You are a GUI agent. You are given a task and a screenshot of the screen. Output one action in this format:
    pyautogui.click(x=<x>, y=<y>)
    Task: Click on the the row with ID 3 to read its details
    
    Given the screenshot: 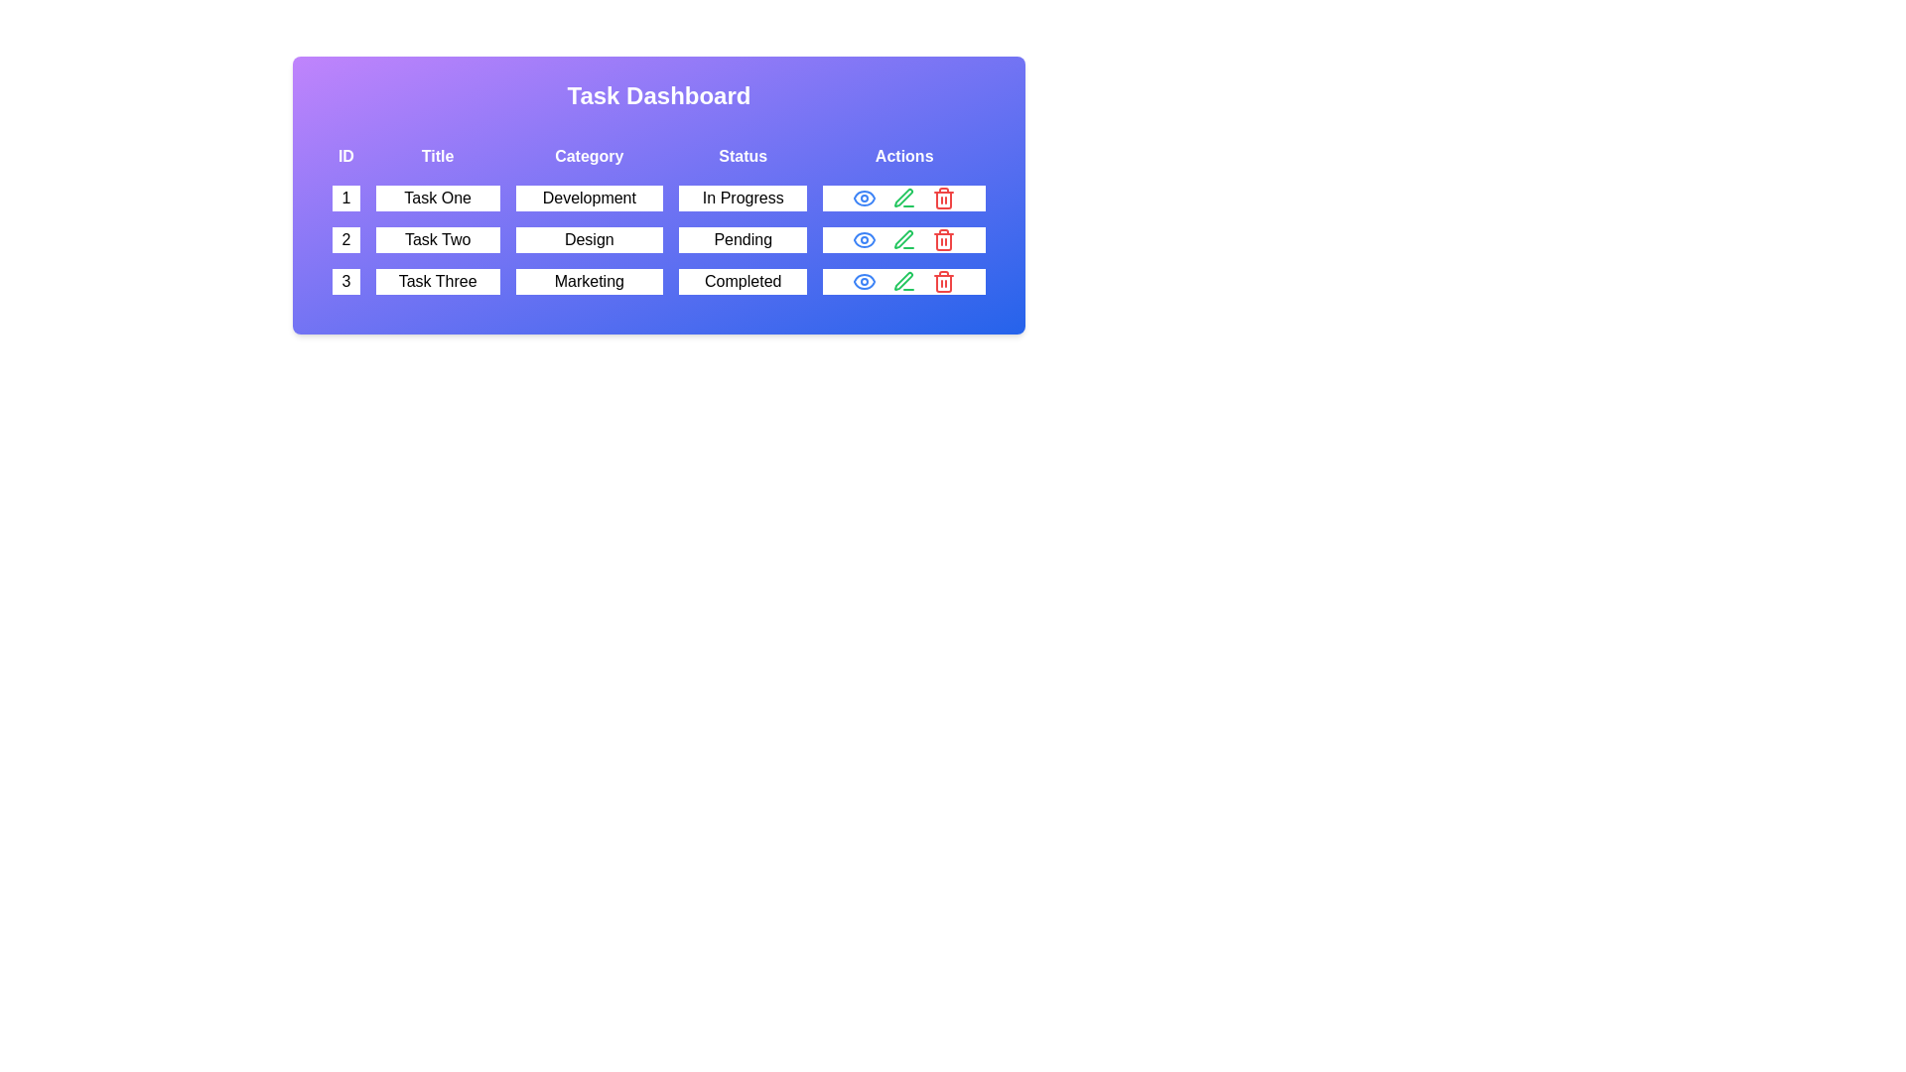 What is the action you would take?
    pyautogui.click(x=658, y=282)
    